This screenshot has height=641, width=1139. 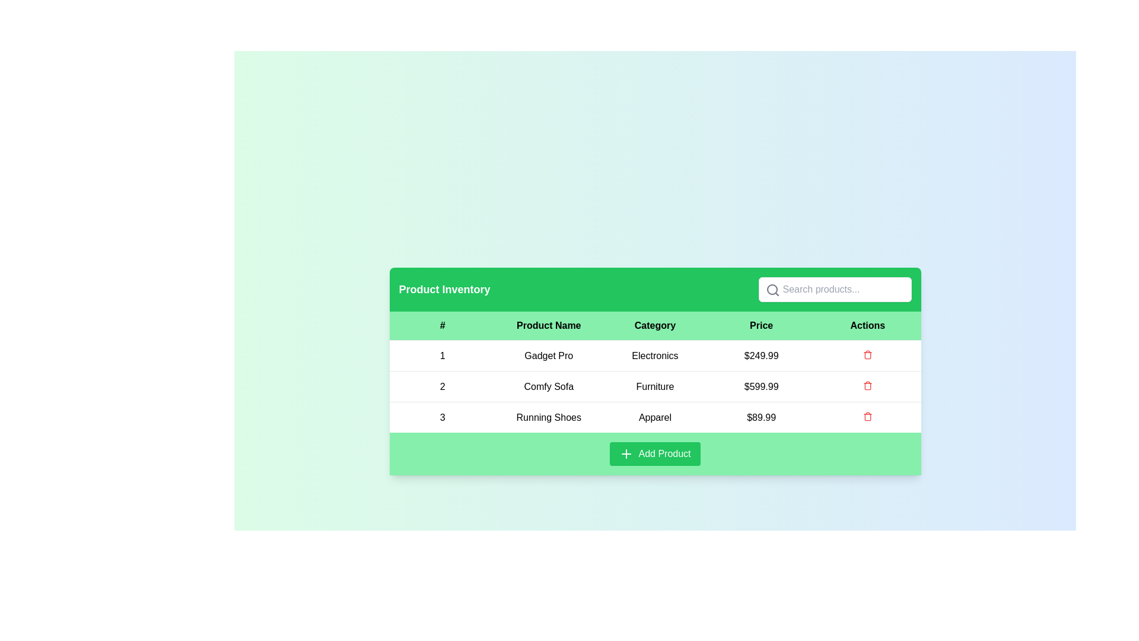 What do you see at coordinates (442, 355) in the screenshot?
I see `the first product entry identifier in the inventory table, located in the '# (Number)' column at the top-left side of the table` at bounding box center [442, 355].